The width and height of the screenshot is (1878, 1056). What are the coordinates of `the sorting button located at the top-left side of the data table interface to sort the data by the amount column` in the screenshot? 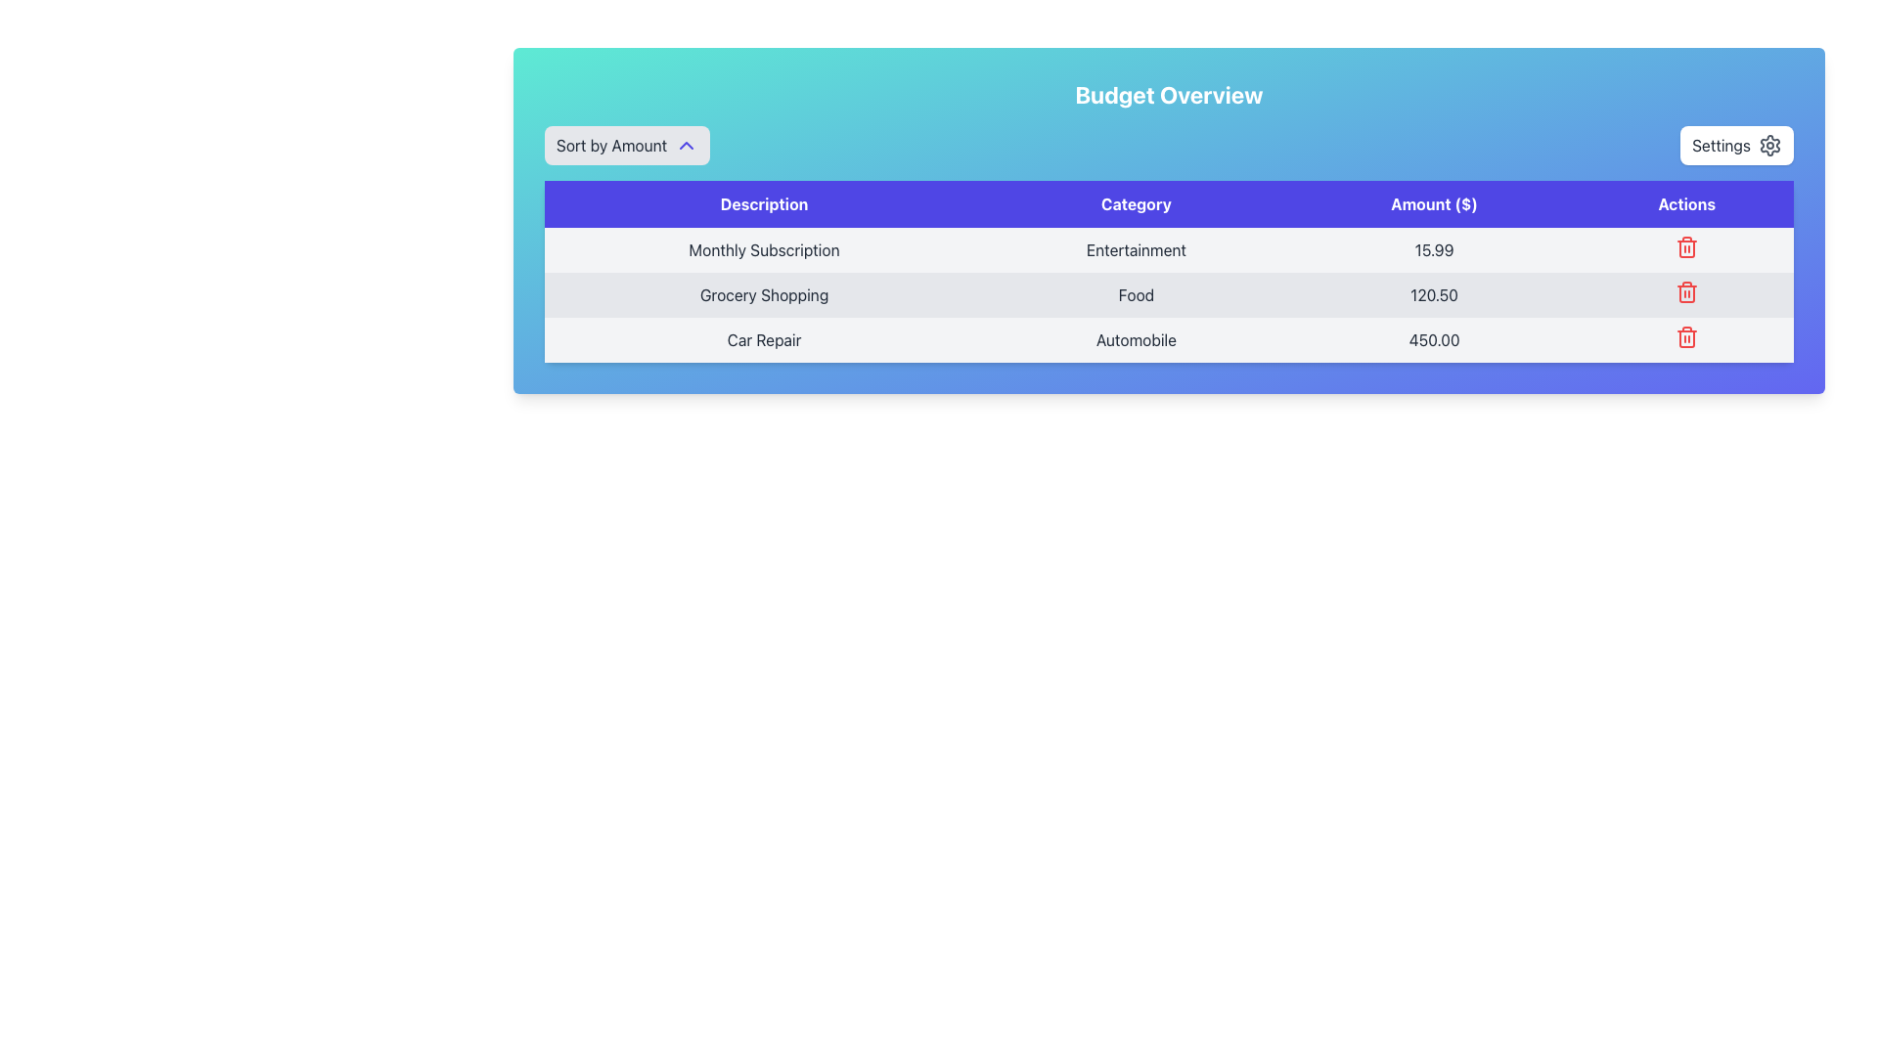 It's located at (627, 145).